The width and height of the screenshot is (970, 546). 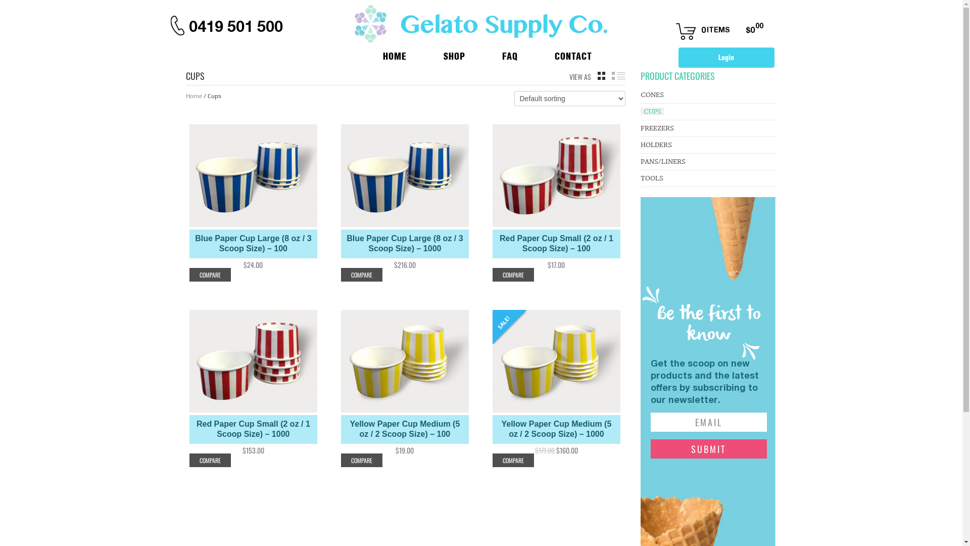 What do you see at coordinates (652, 95) in the screenshot?
I see `'CONES'` at bounding box center [652, 95].